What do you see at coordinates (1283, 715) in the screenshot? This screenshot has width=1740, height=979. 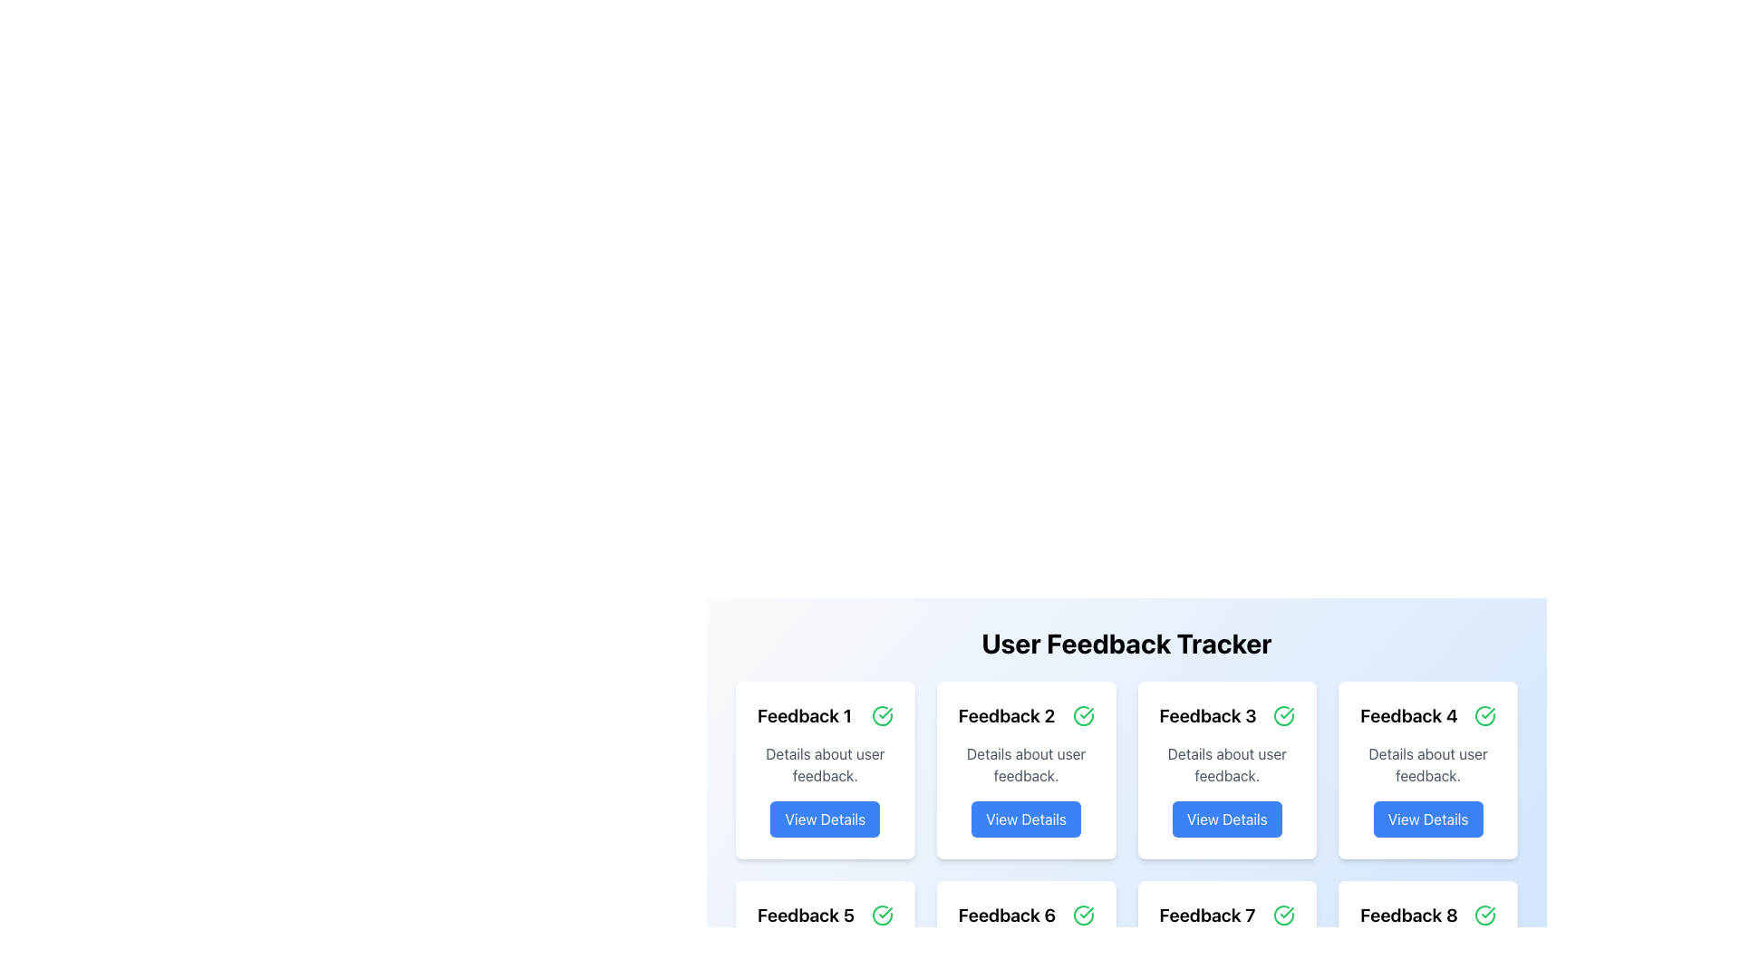 I see `the circular icon with a checkmark in the center, styled with a green stroke, located next to the heading 'Feedback 3', indicating successful completion or approval` at bounding box center [1283, 715].